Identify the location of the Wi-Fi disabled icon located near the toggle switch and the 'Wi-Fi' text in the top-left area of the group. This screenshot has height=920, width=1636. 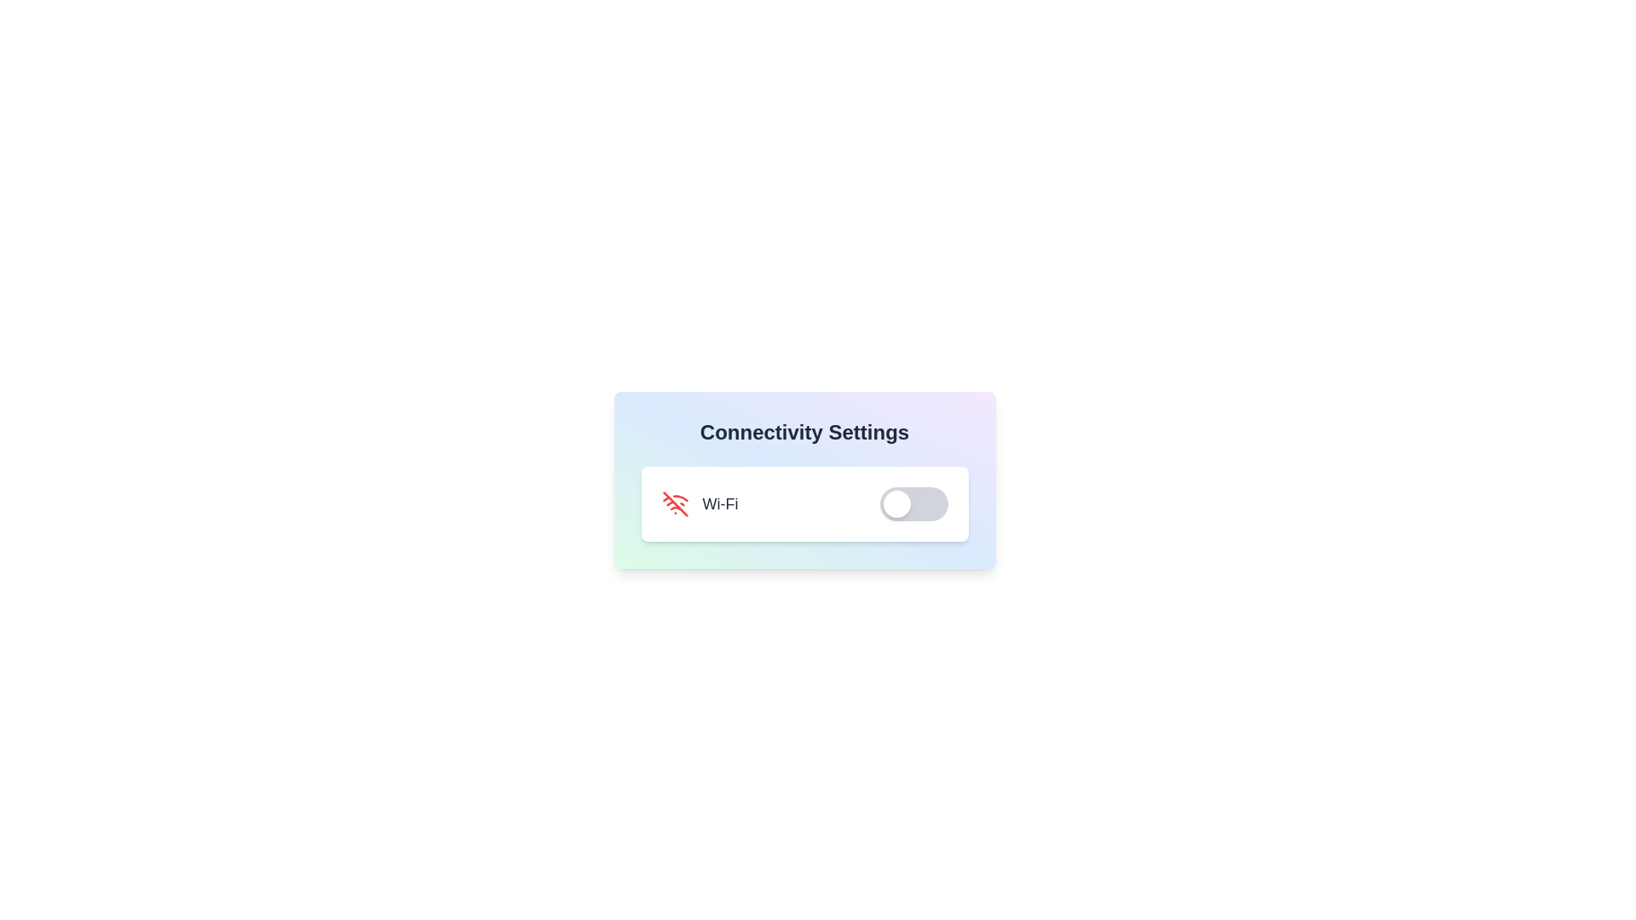
(674, 503).